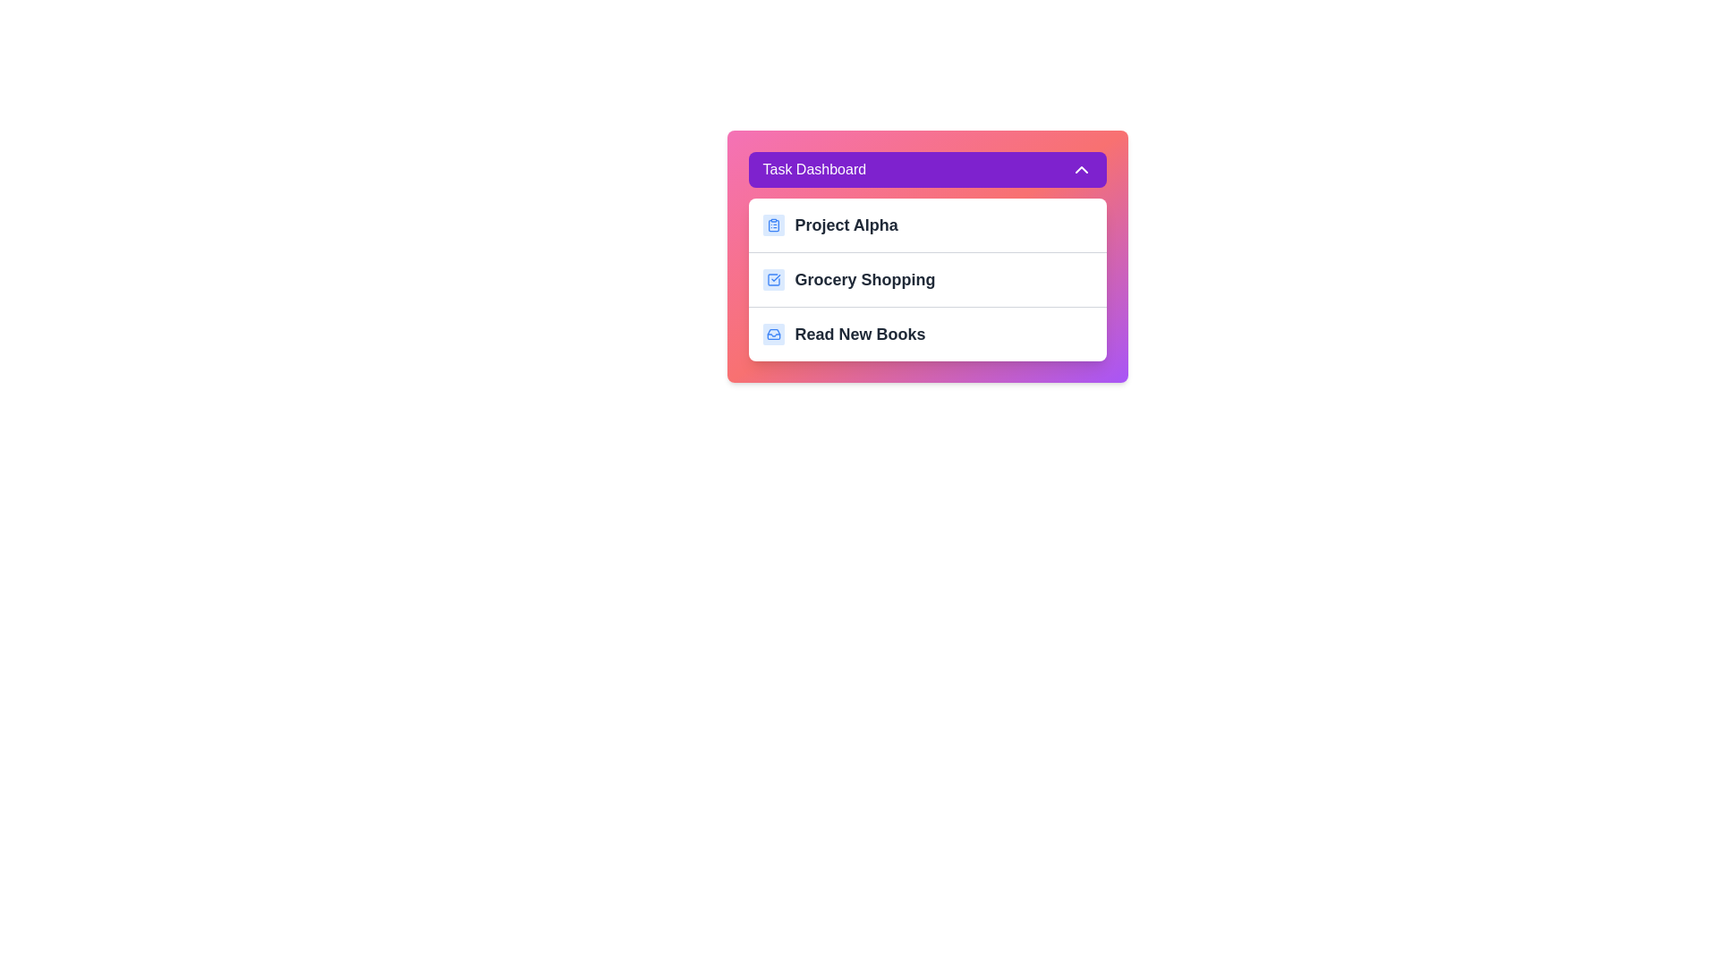 The height and width of the screenshot is (966, 1718). What do you see at coordinates (860, 335) in the screenshot?
I see `the third text label in the vertical list, which serves as a title for a task or item, positioned below 'Project Alpha' and 'Grocery Shopping'` at bounding box center [860, 335].